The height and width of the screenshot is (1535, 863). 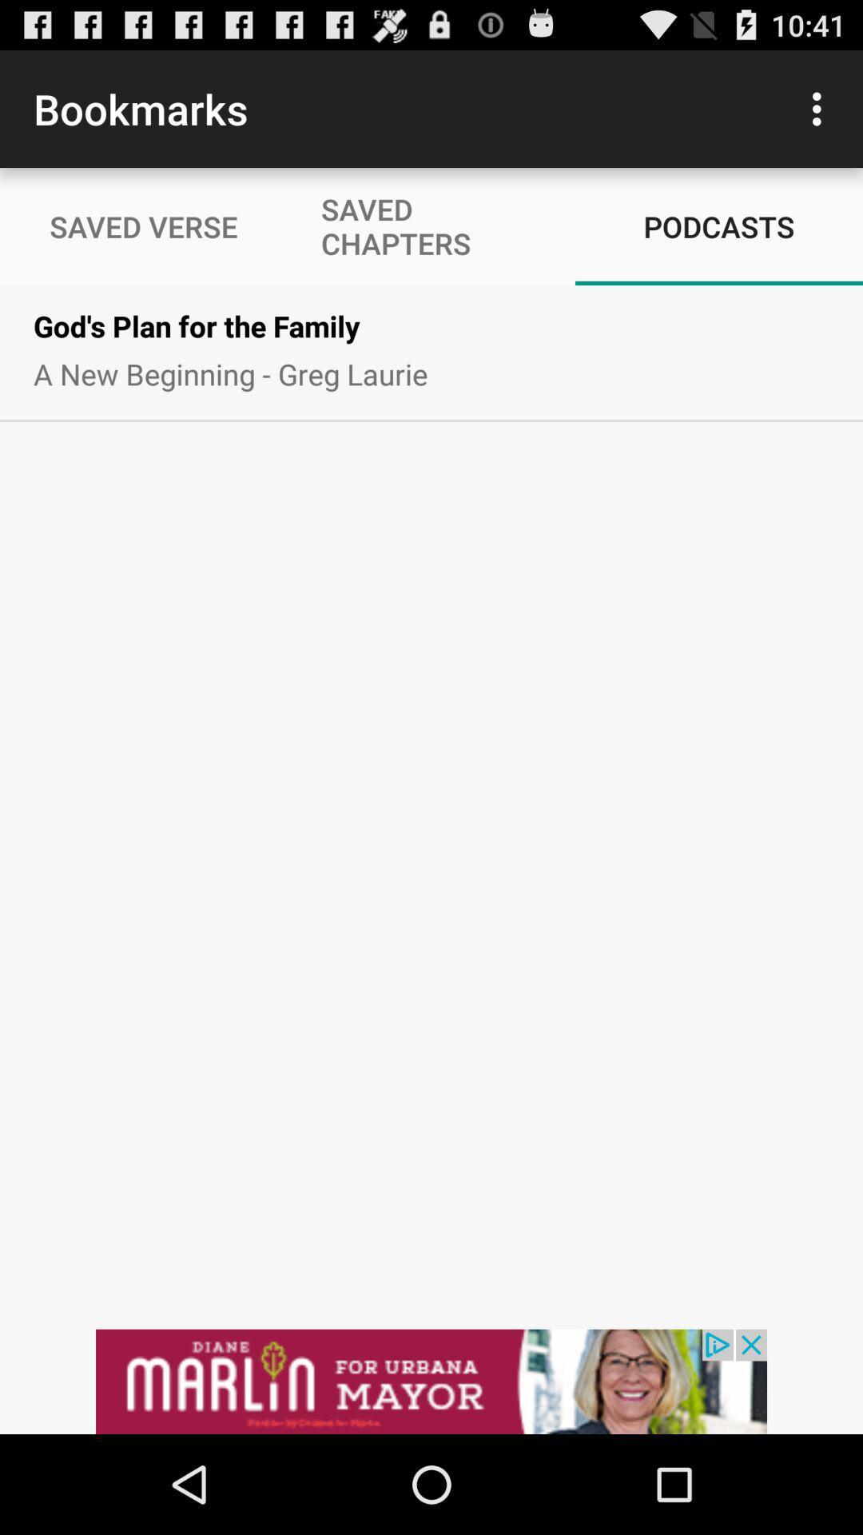 I want to click on advertisement link, so click(x=431, y=1381).